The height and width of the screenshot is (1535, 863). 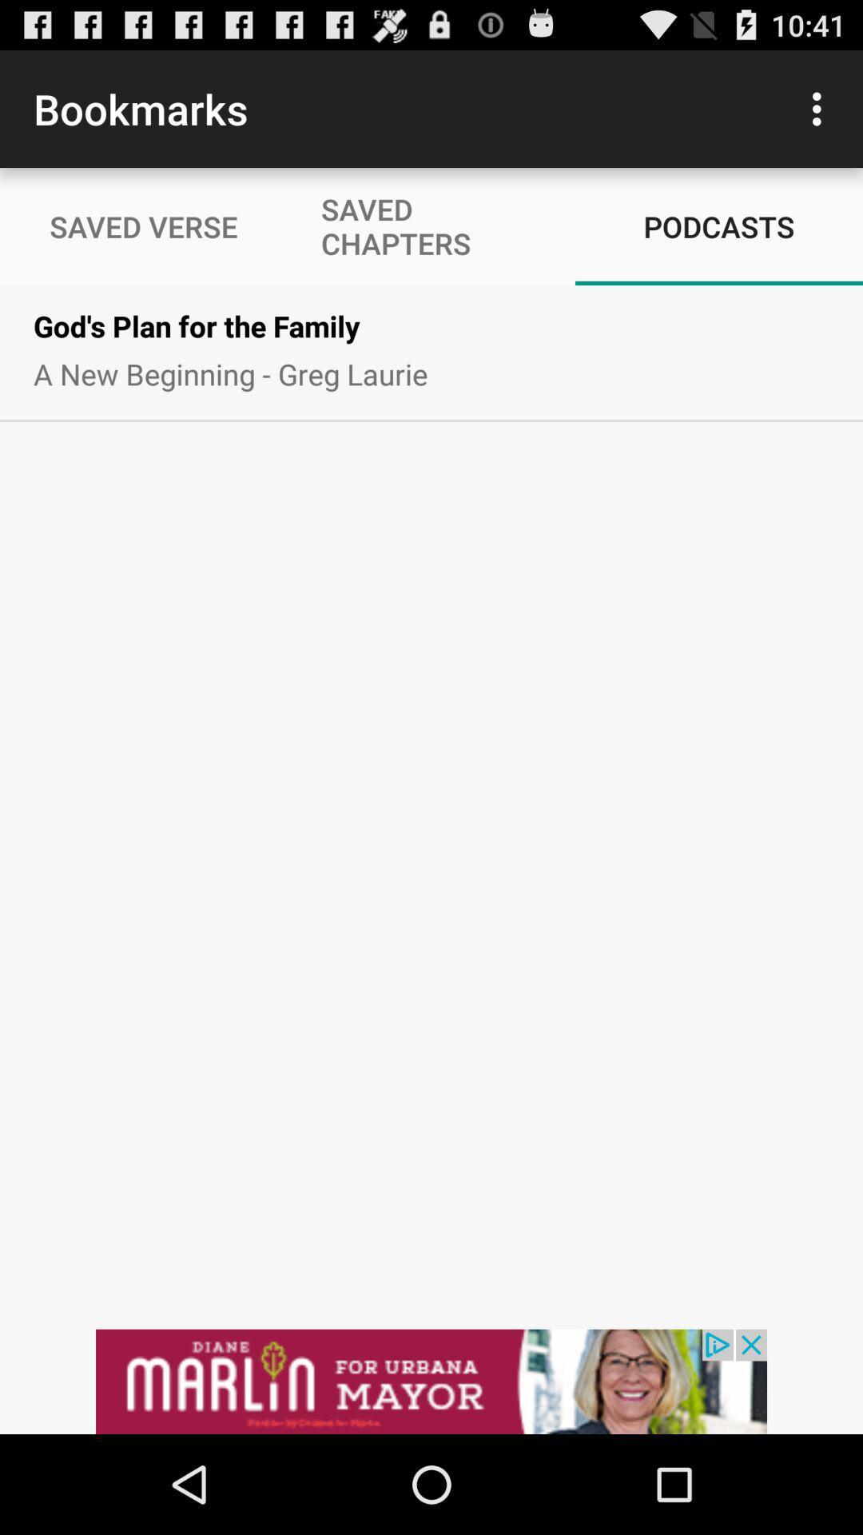 I want to click on advertisement link, so click(x=431, y=1381).